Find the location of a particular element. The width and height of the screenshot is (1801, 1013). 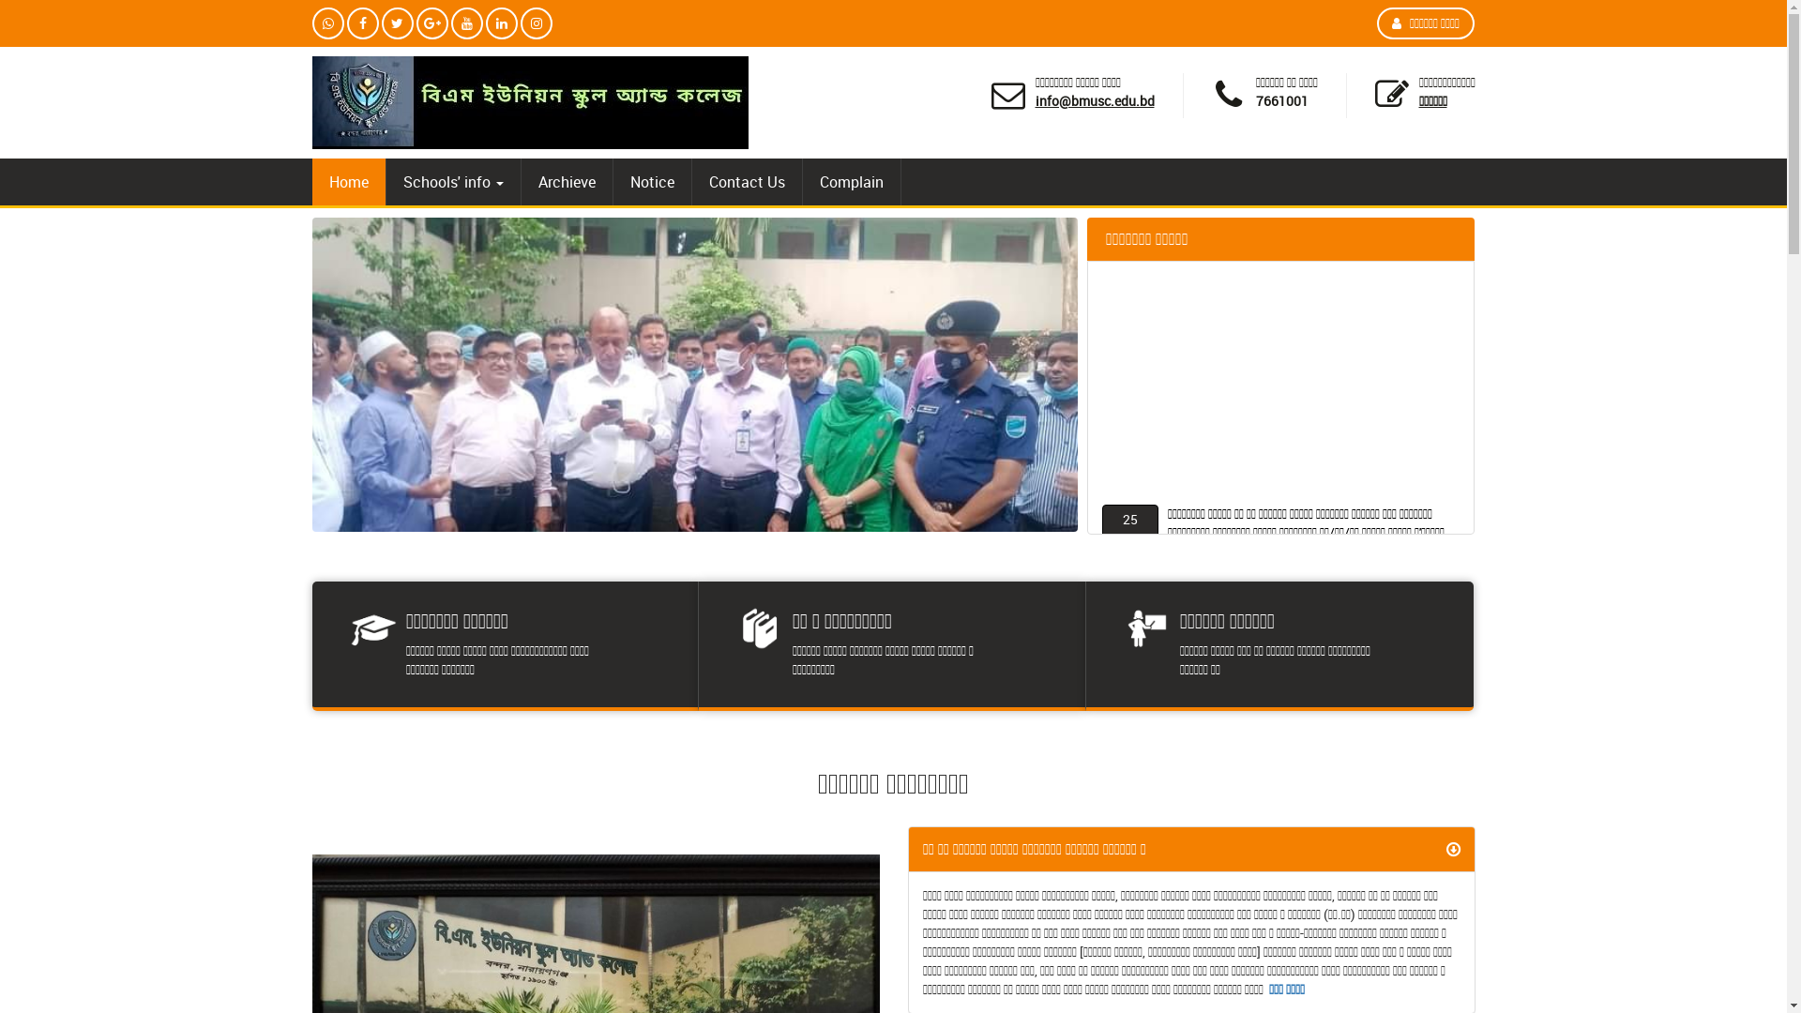

'Archieve' is located at coordinates (566, 181).